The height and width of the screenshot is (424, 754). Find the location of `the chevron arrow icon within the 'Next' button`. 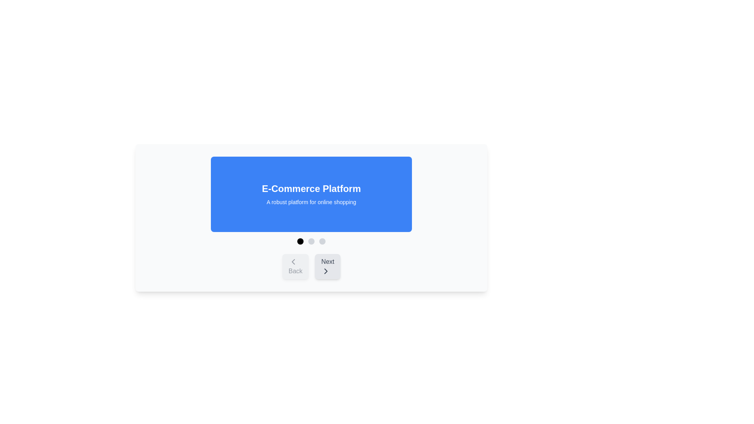

the chevron arrow icon within the 'Next' button is located at coordinates (326, 270).